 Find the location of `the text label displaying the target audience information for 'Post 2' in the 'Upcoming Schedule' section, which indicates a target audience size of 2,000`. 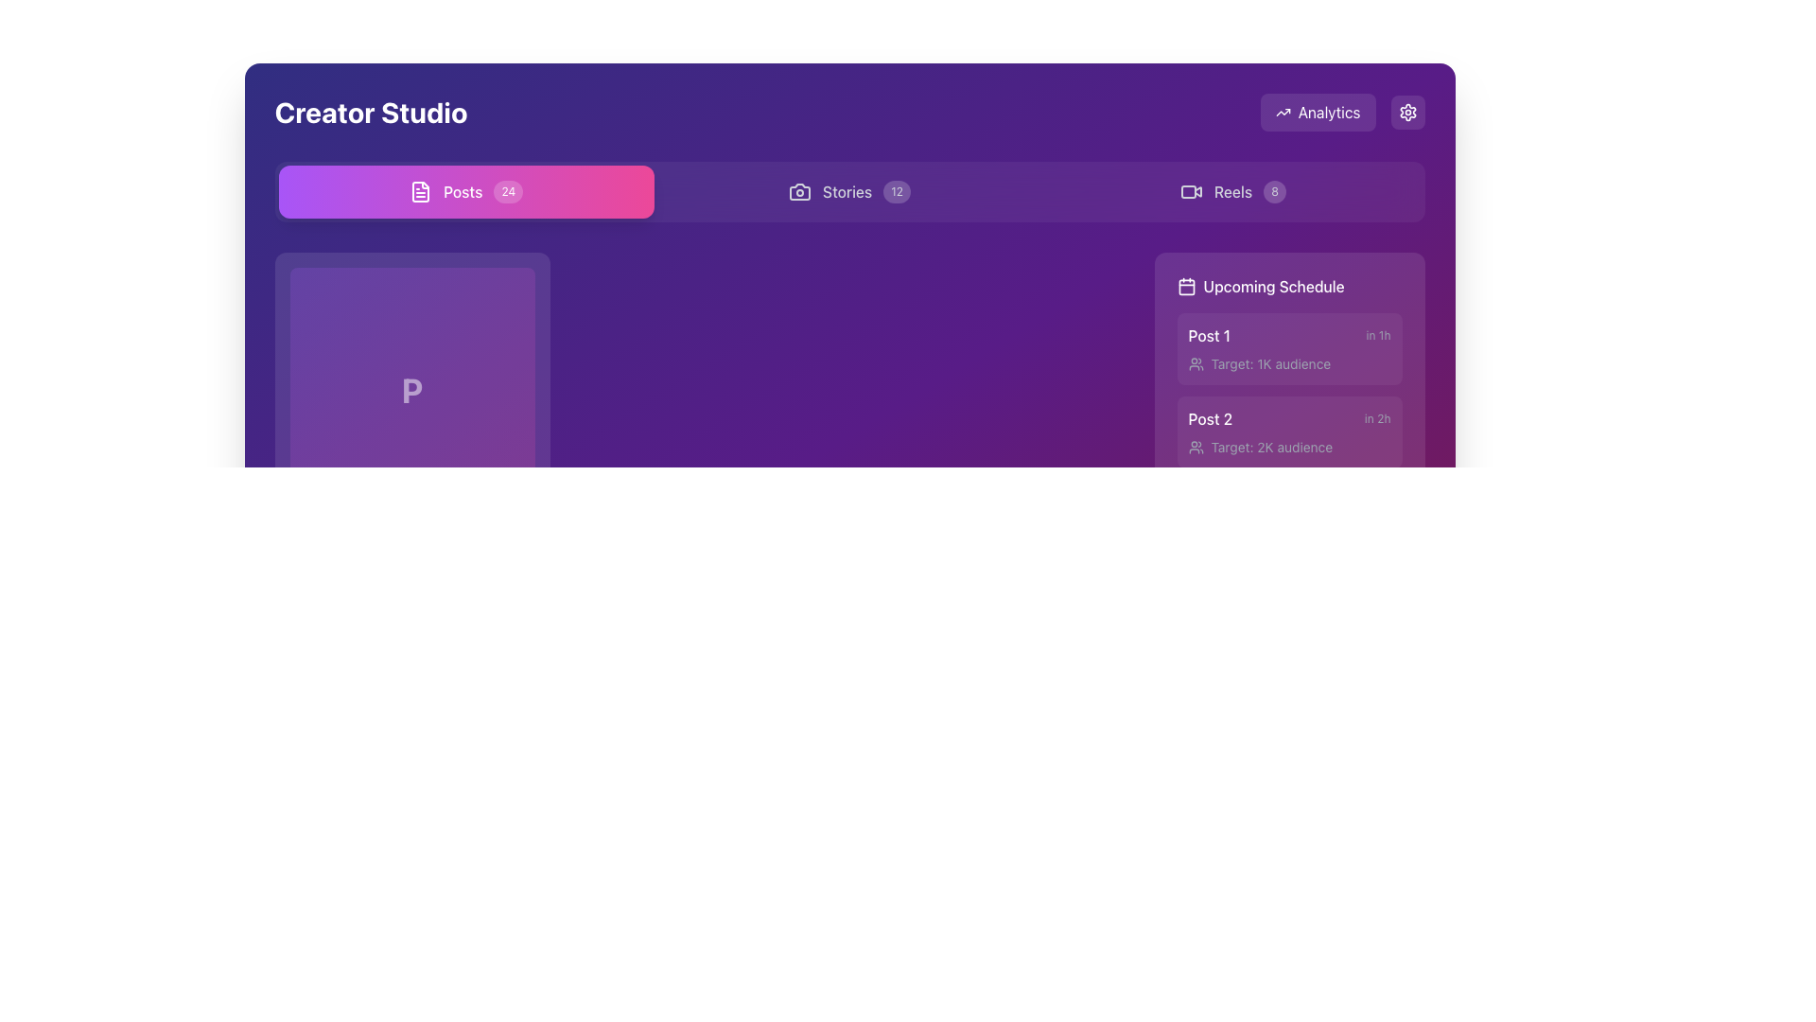

the text label displaying the target audience information for 'Post 2' in the 'Upcoming Schedule' section, which indicates a target audience size of 2,000 is located at coordinates (1288, 448).